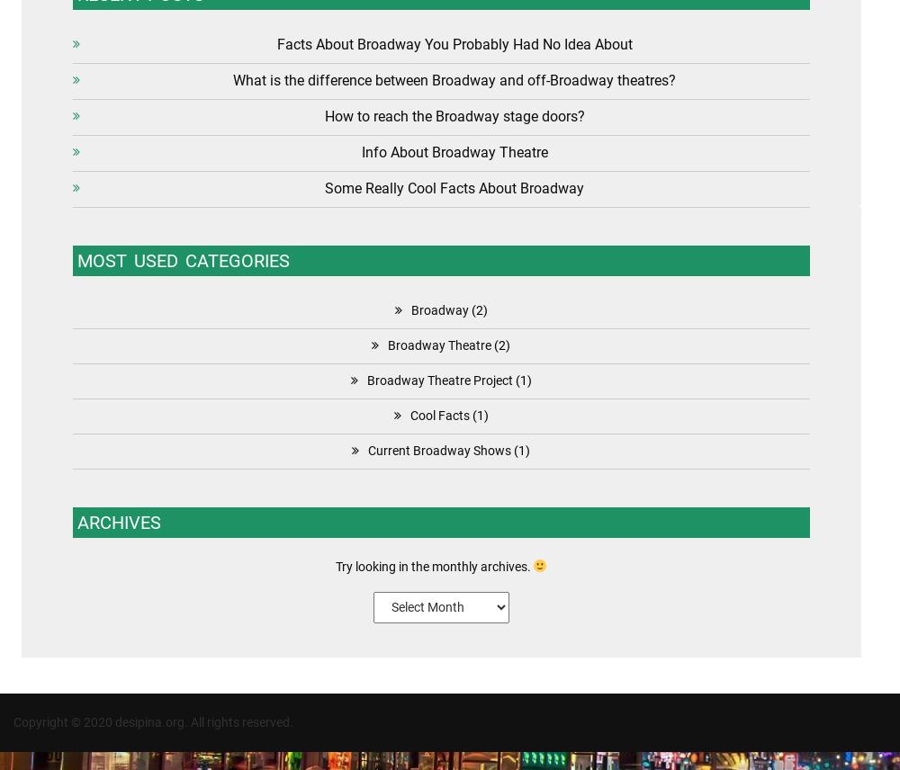  What do you see at coordinates (438, 415) in the screenshot?
I see `'Cool Facts'` at bounding box center [438, 415].